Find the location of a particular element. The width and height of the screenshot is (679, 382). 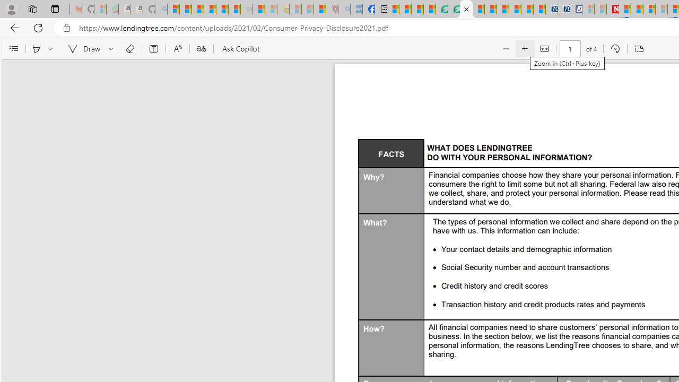

'Translate' is located at coordinates (201, 49).